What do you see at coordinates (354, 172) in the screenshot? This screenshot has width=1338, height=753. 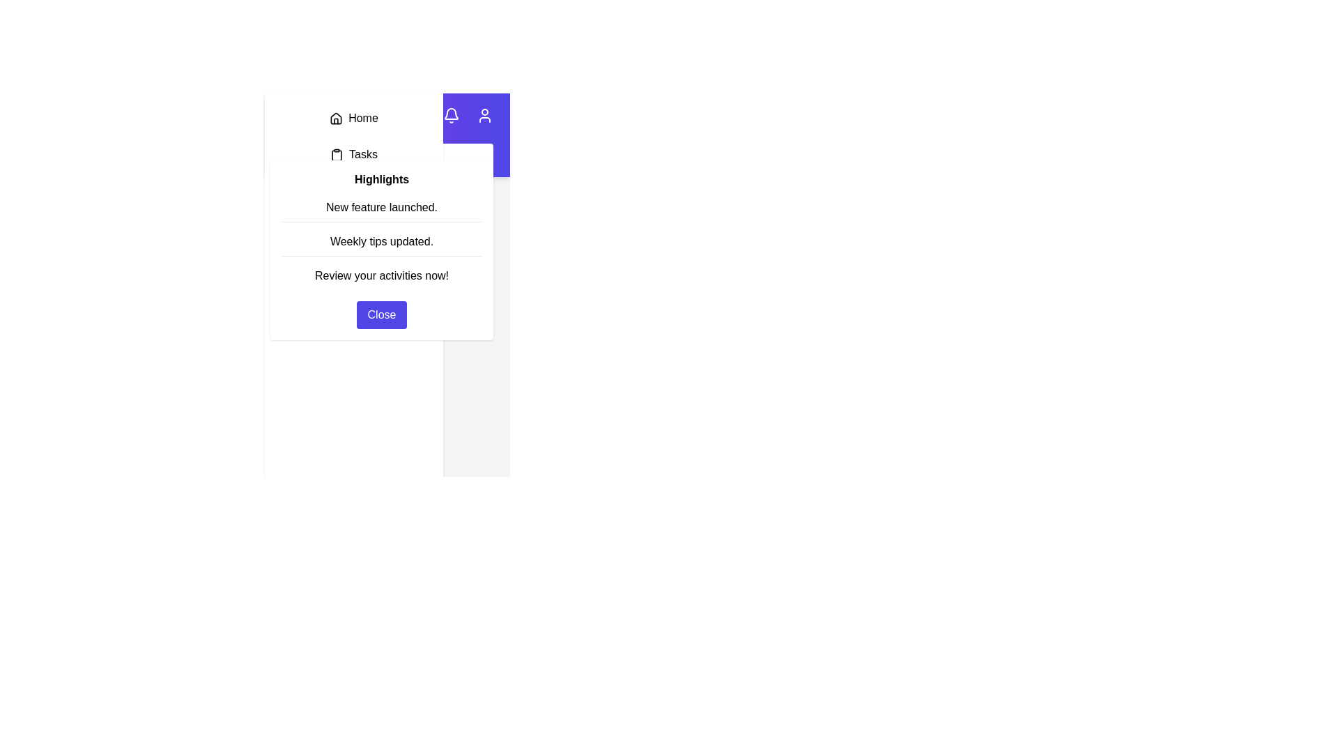 I see `the 'Highlights' text label, which is the third item in a vertical list within the side menu, positioned below 'Tasks' and above a secondary text area` at bounding box center [354, 172].